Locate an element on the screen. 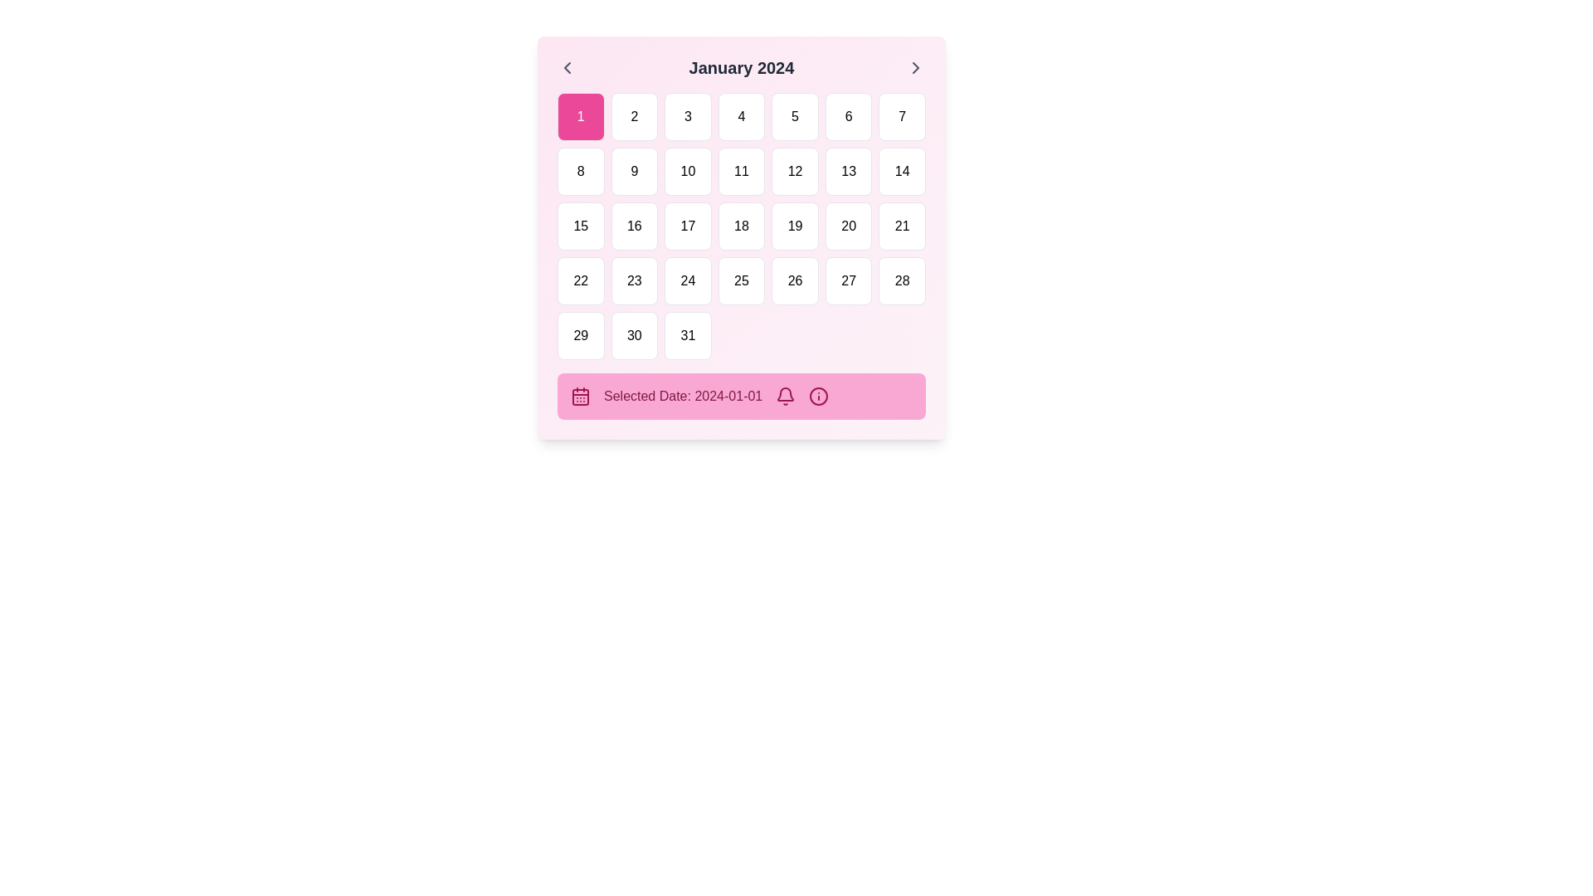  the square button with a white background and black text '16' is located at coordinates (633, 226).